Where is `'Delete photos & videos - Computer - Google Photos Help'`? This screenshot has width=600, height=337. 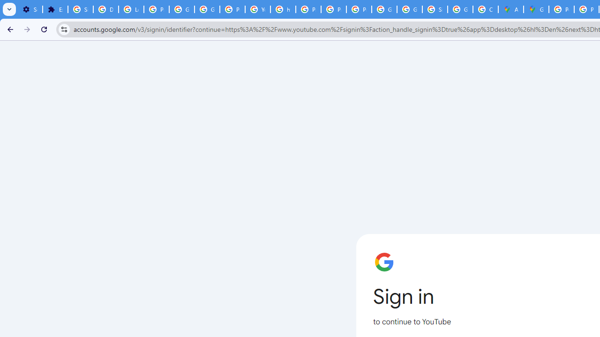 'Delete photos & videos - Computer - Google Photos Help' is located at coordinates (105, 9).